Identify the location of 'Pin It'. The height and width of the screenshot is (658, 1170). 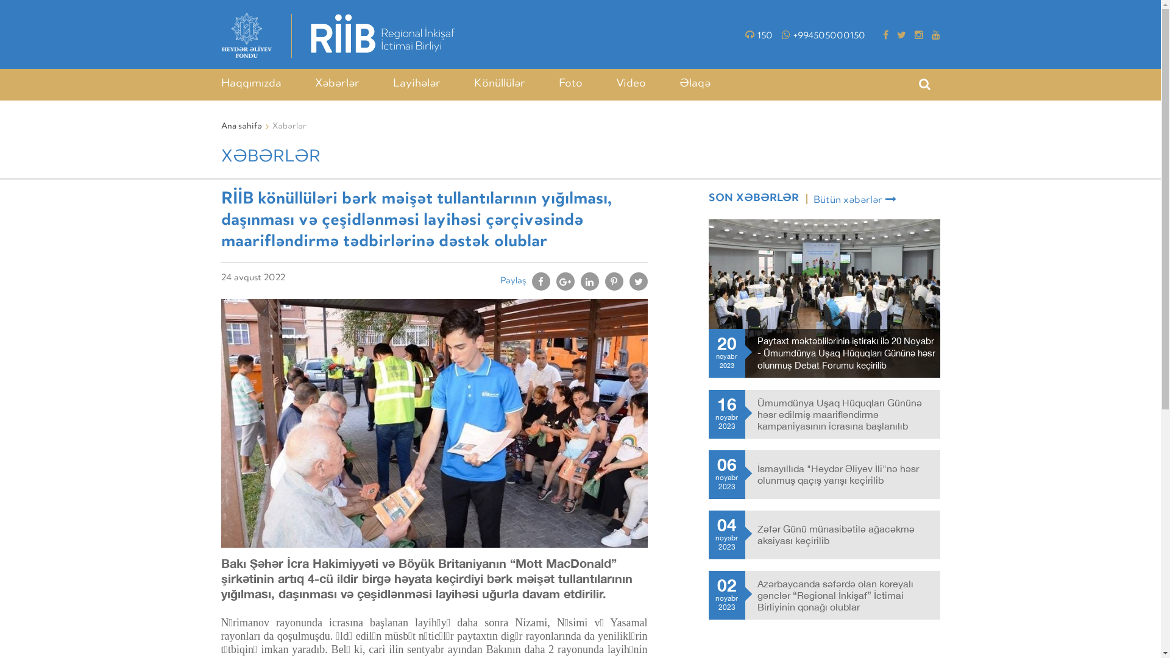
(614, 281).